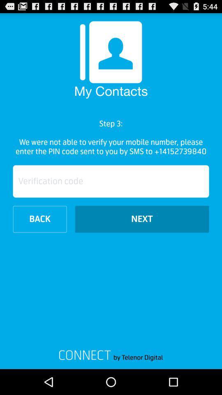 The image size is (222, 395). Describe the element at coordinates (111, 181) in the screenshot. I see `verification code` at that location.